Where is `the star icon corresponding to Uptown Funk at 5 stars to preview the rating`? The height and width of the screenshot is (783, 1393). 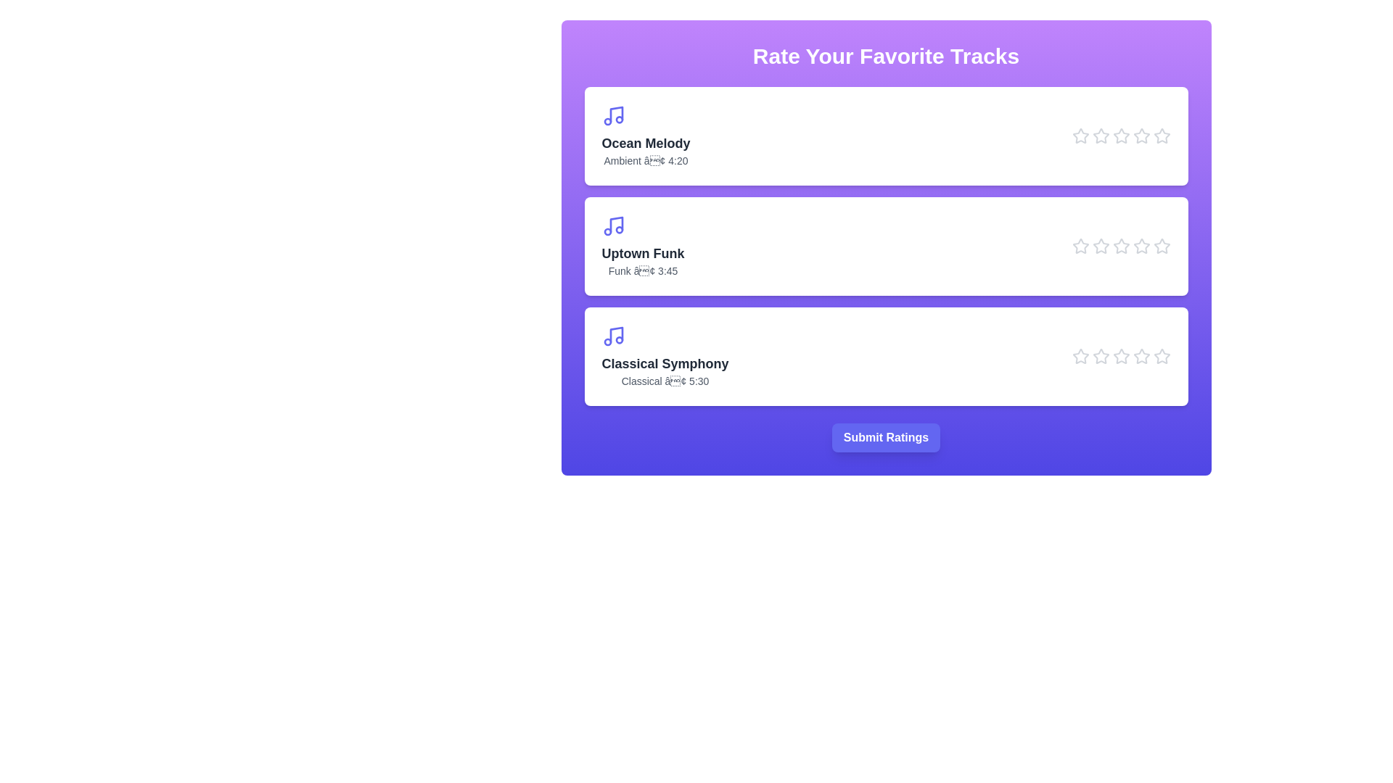 the star icon corresponding to Uptown Funk at 5 stars to preview the rating is located at coordinates (1162, 245).